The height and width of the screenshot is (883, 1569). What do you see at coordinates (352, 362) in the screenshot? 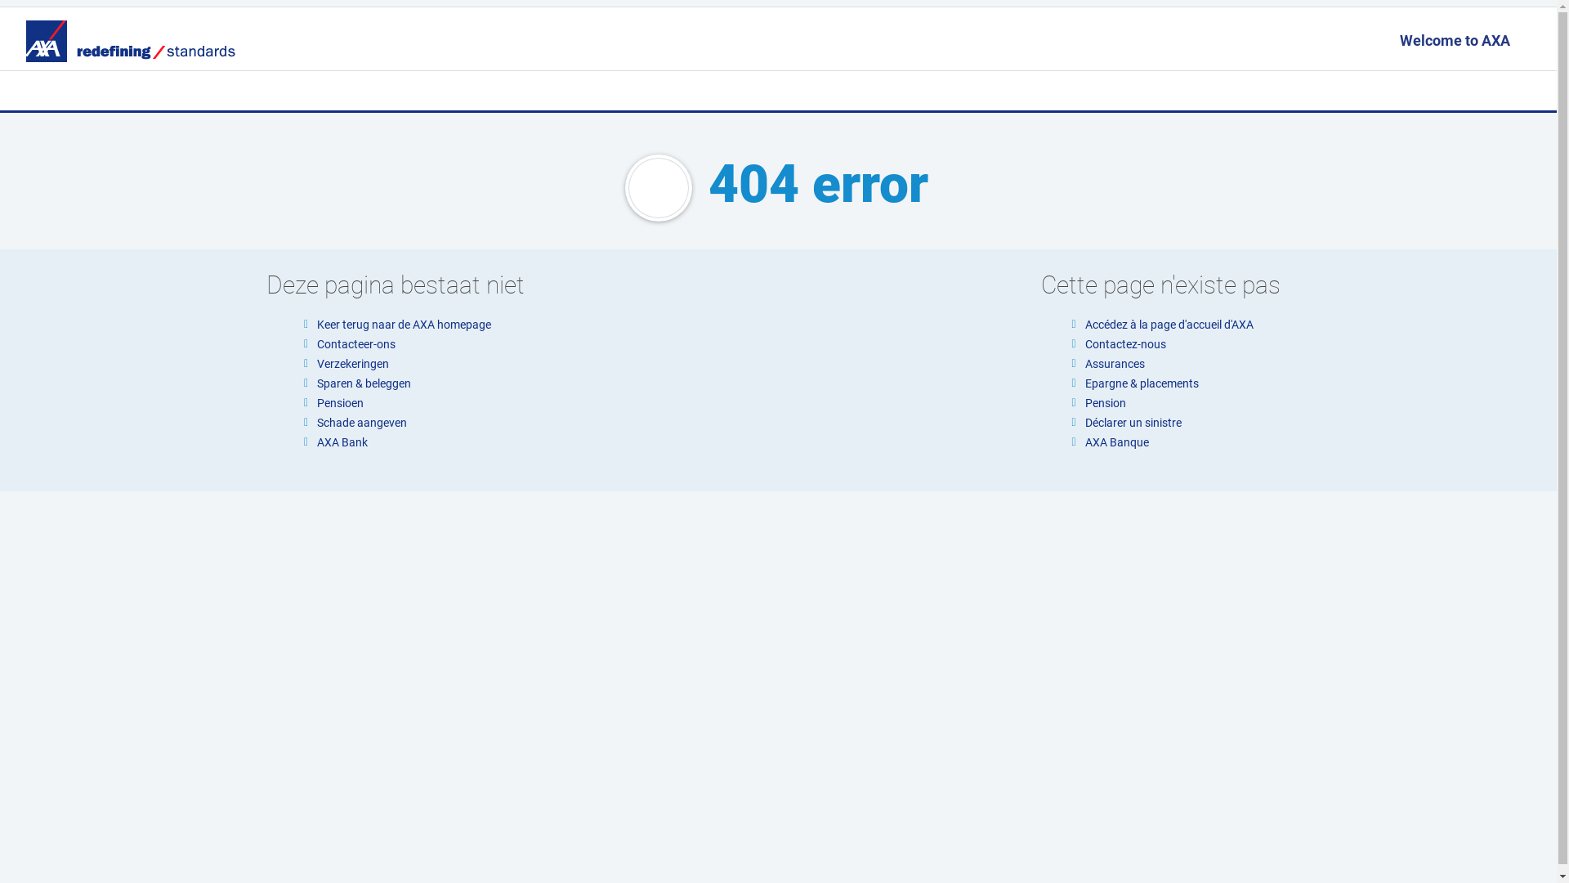
I see `'Verzekeringen'` at bounding box center [352, 362].